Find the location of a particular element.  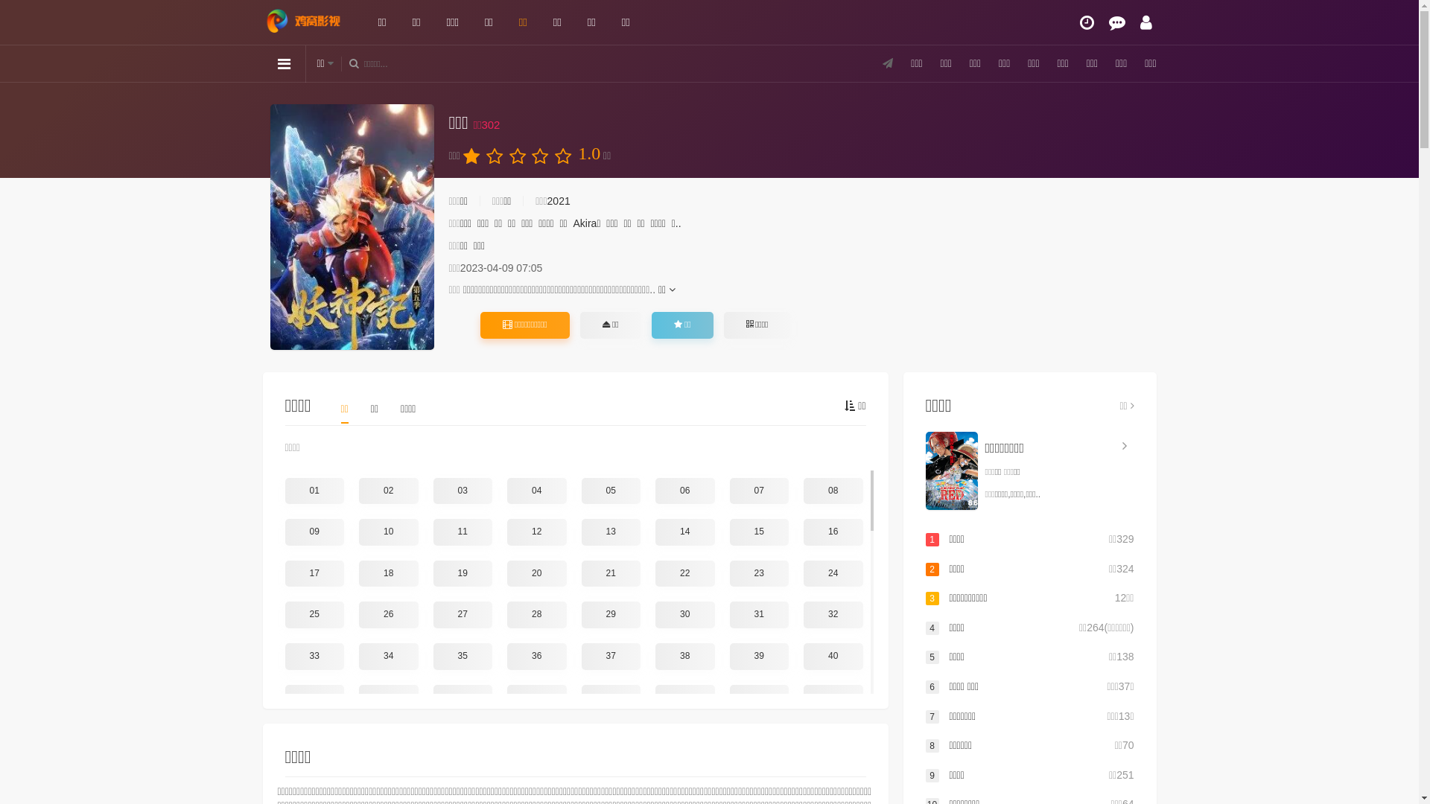

'17' is located at coordinates (285, 573).